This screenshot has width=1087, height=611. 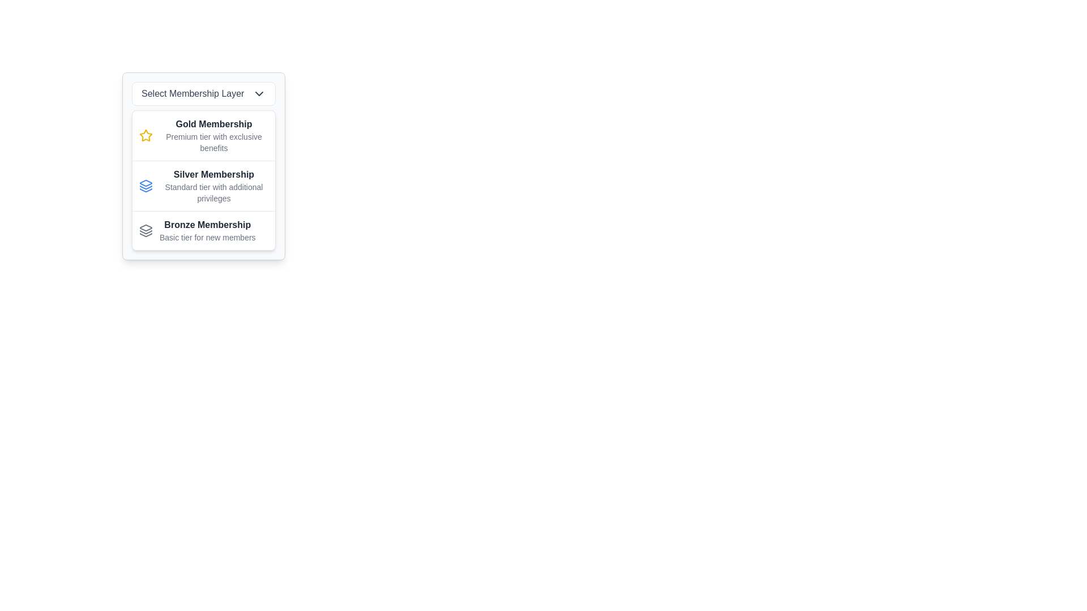 What do you see at coordinates (204, 186) in the screenshot?
I see `the second item in the vertical list of membership tiers` at bounding box center [204, 186].